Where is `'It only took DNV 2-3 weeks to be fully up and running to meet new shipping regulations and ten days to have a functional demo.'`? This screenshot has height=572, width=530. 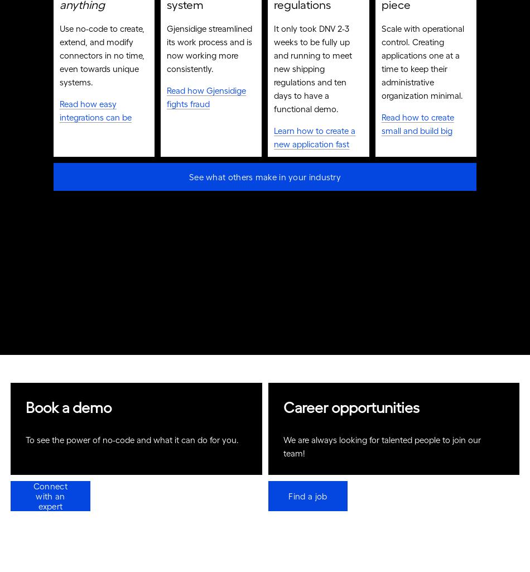 'It only took DNV 2-3 weeks to be fully up and running to meet new shipping regulations and ten days to have a functional demo.' is located at coordinates (314, 72).